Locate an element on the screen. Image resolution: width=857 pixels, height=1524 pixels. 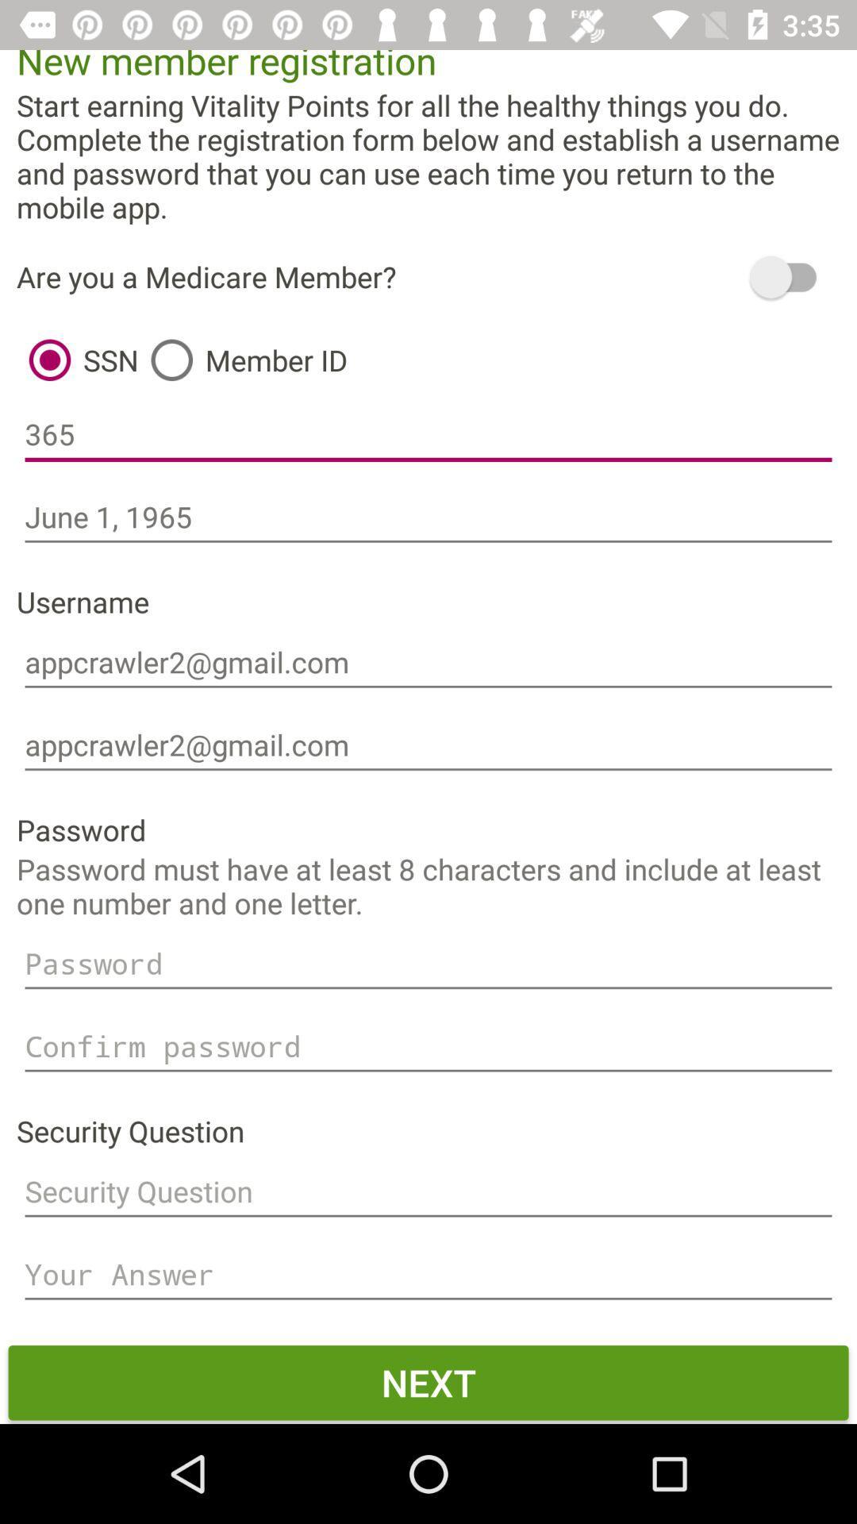
security question answer is located at coordinates (428, 1275).